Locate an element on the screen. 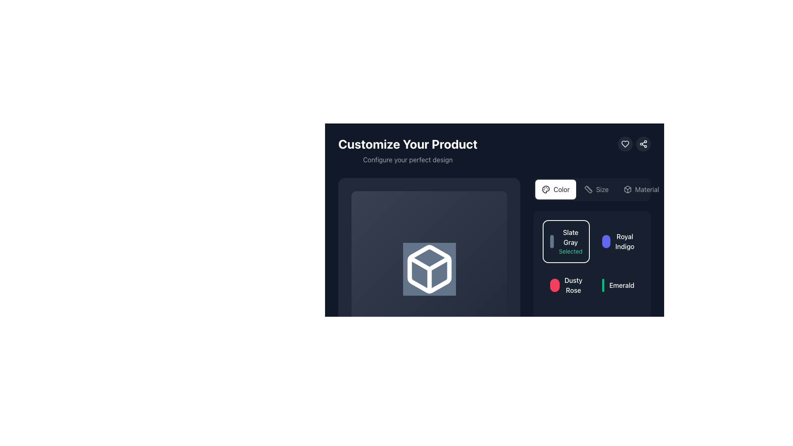  the text label indicating the color name 'Emerald' is located at coordinates (622, 285).